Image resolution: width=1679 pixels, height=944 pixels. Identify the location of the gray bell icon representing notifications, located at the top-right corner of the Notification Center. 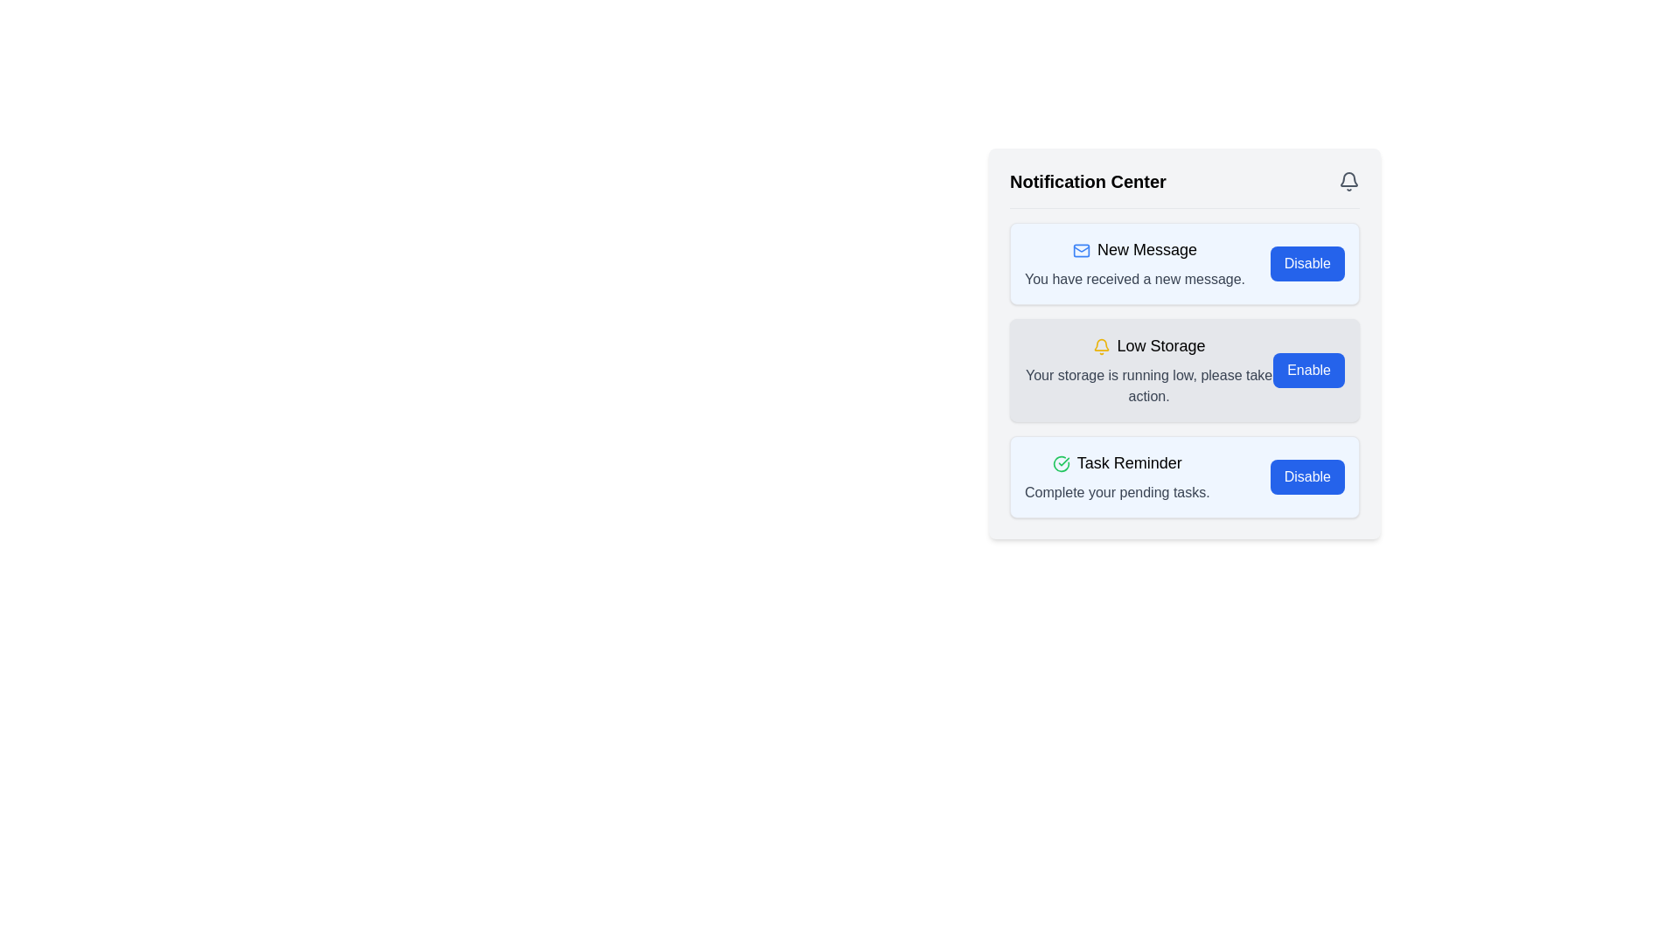
(1348, 182).